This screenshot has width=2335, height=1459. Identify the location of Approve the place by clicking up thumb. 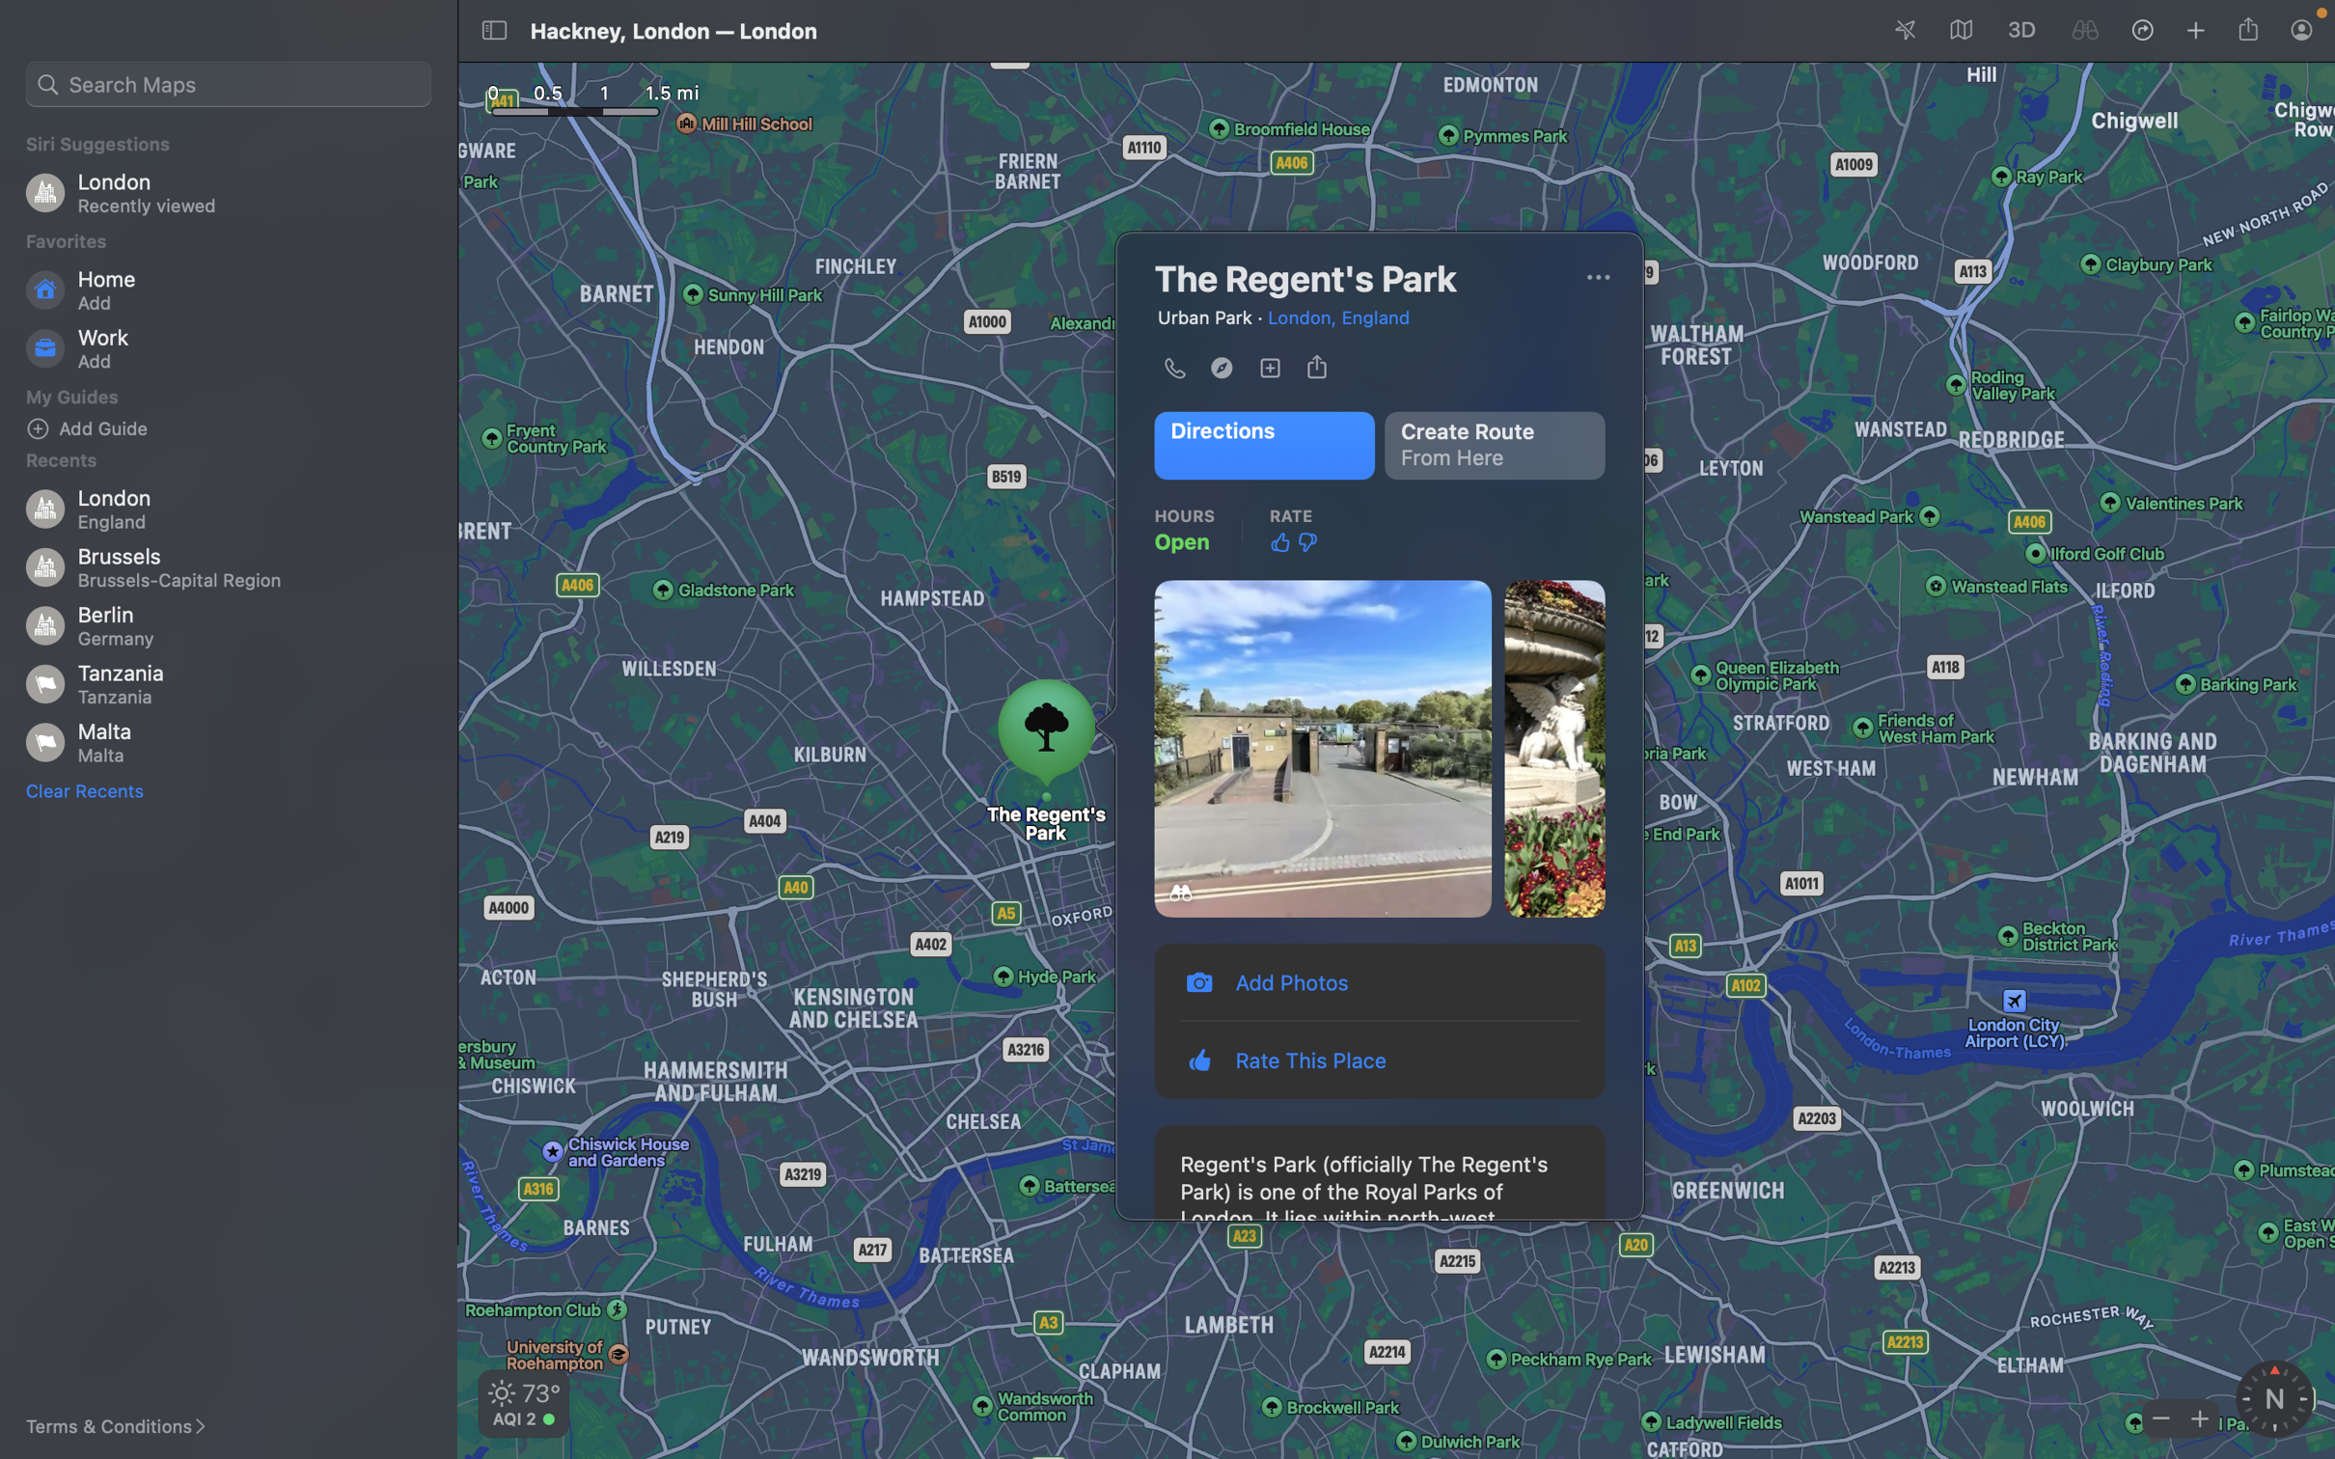
(1279, 541).